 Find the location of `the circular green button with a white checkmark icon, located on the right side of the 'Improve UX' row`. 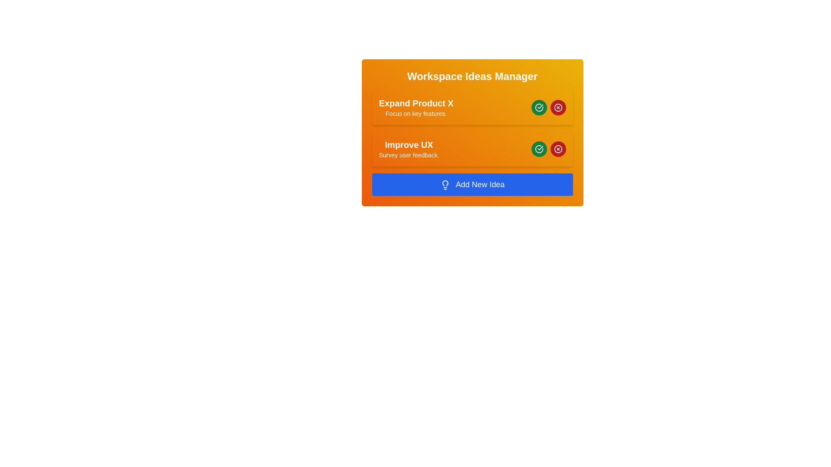

the circular green button with a white checkmark icon, located on the right side of the 'Improve UX' row is located at coordinates (538, 148).